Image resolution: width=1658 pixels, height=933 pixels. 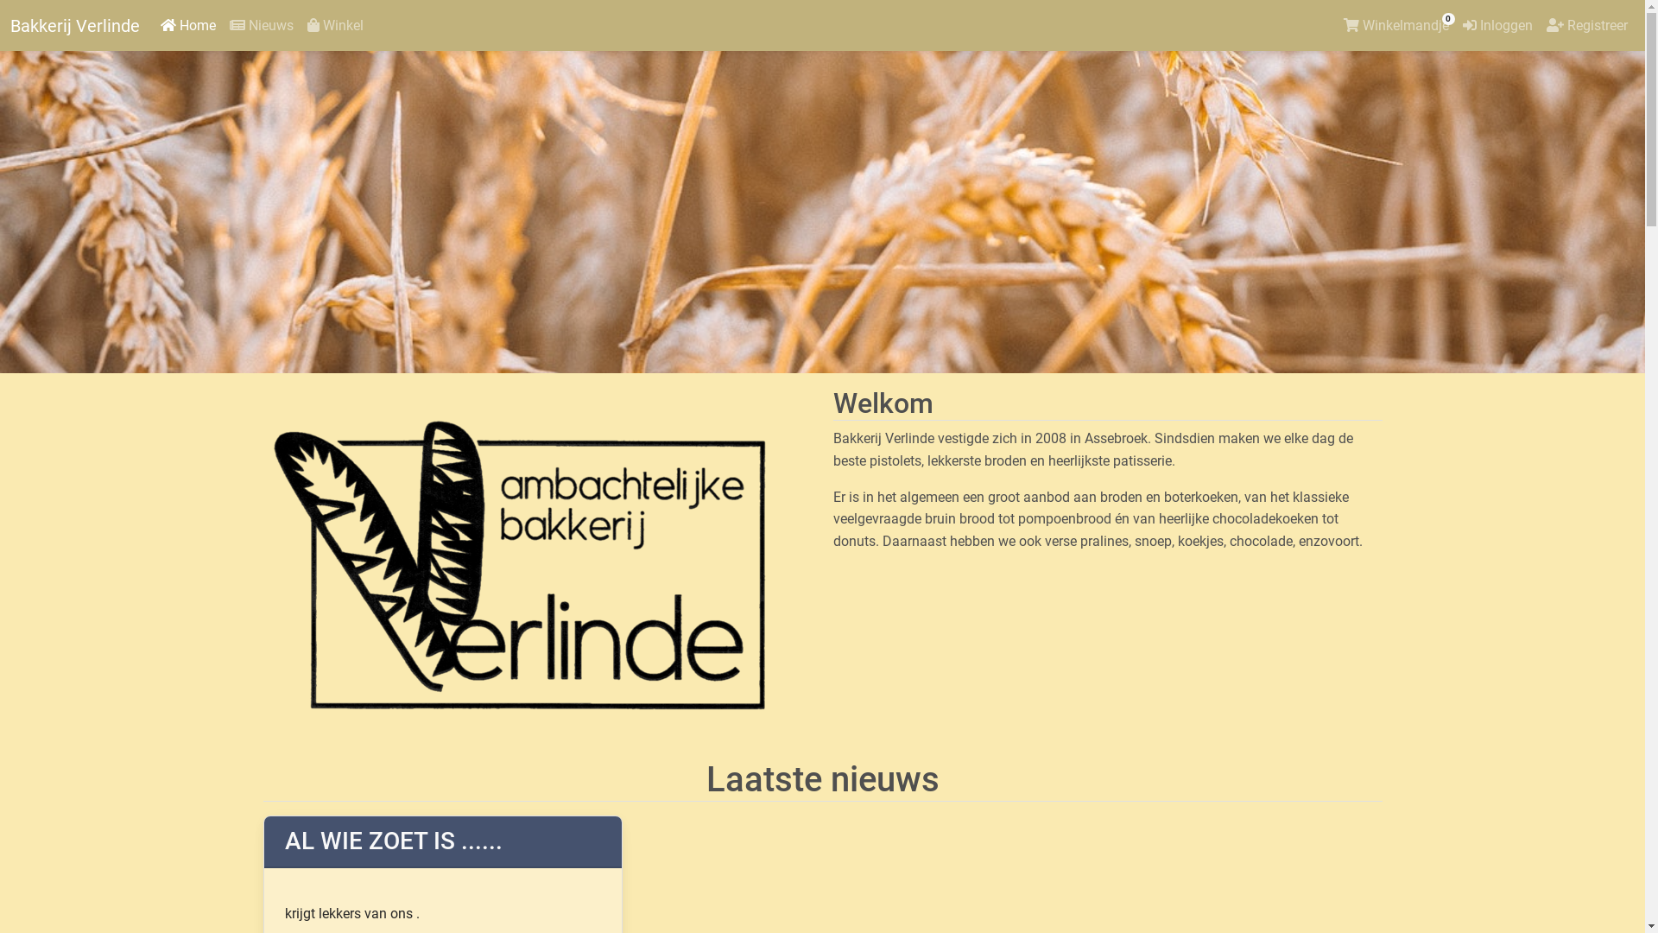 I want to click on 'Inloggen', so click(x=1497, y=26).